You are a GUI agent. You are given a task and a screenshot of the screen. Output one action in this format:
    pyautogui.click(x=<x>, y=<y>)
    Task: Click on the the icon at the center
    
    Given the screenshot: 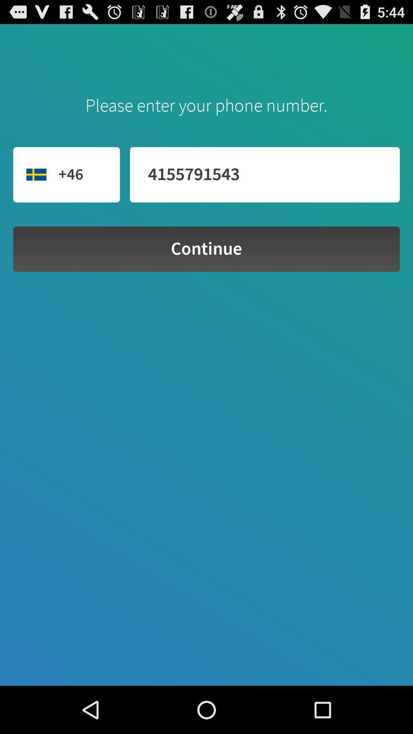 What is the action you would take?
    pyautogui.click(x=206, y=249)
    